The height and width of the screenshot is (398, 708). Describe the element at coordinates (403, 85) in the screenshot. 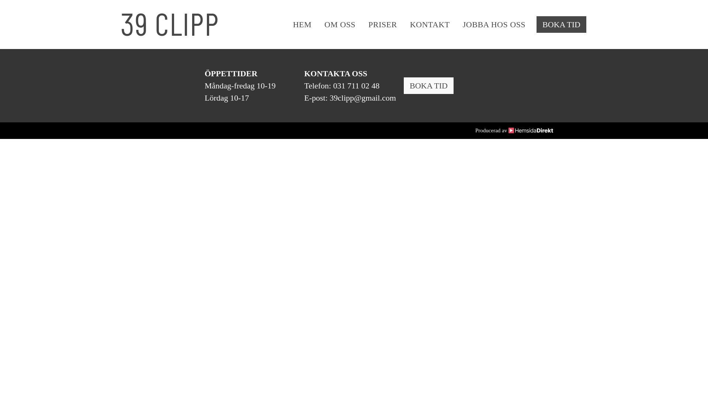

I see `'BOKA TID'` at that location.